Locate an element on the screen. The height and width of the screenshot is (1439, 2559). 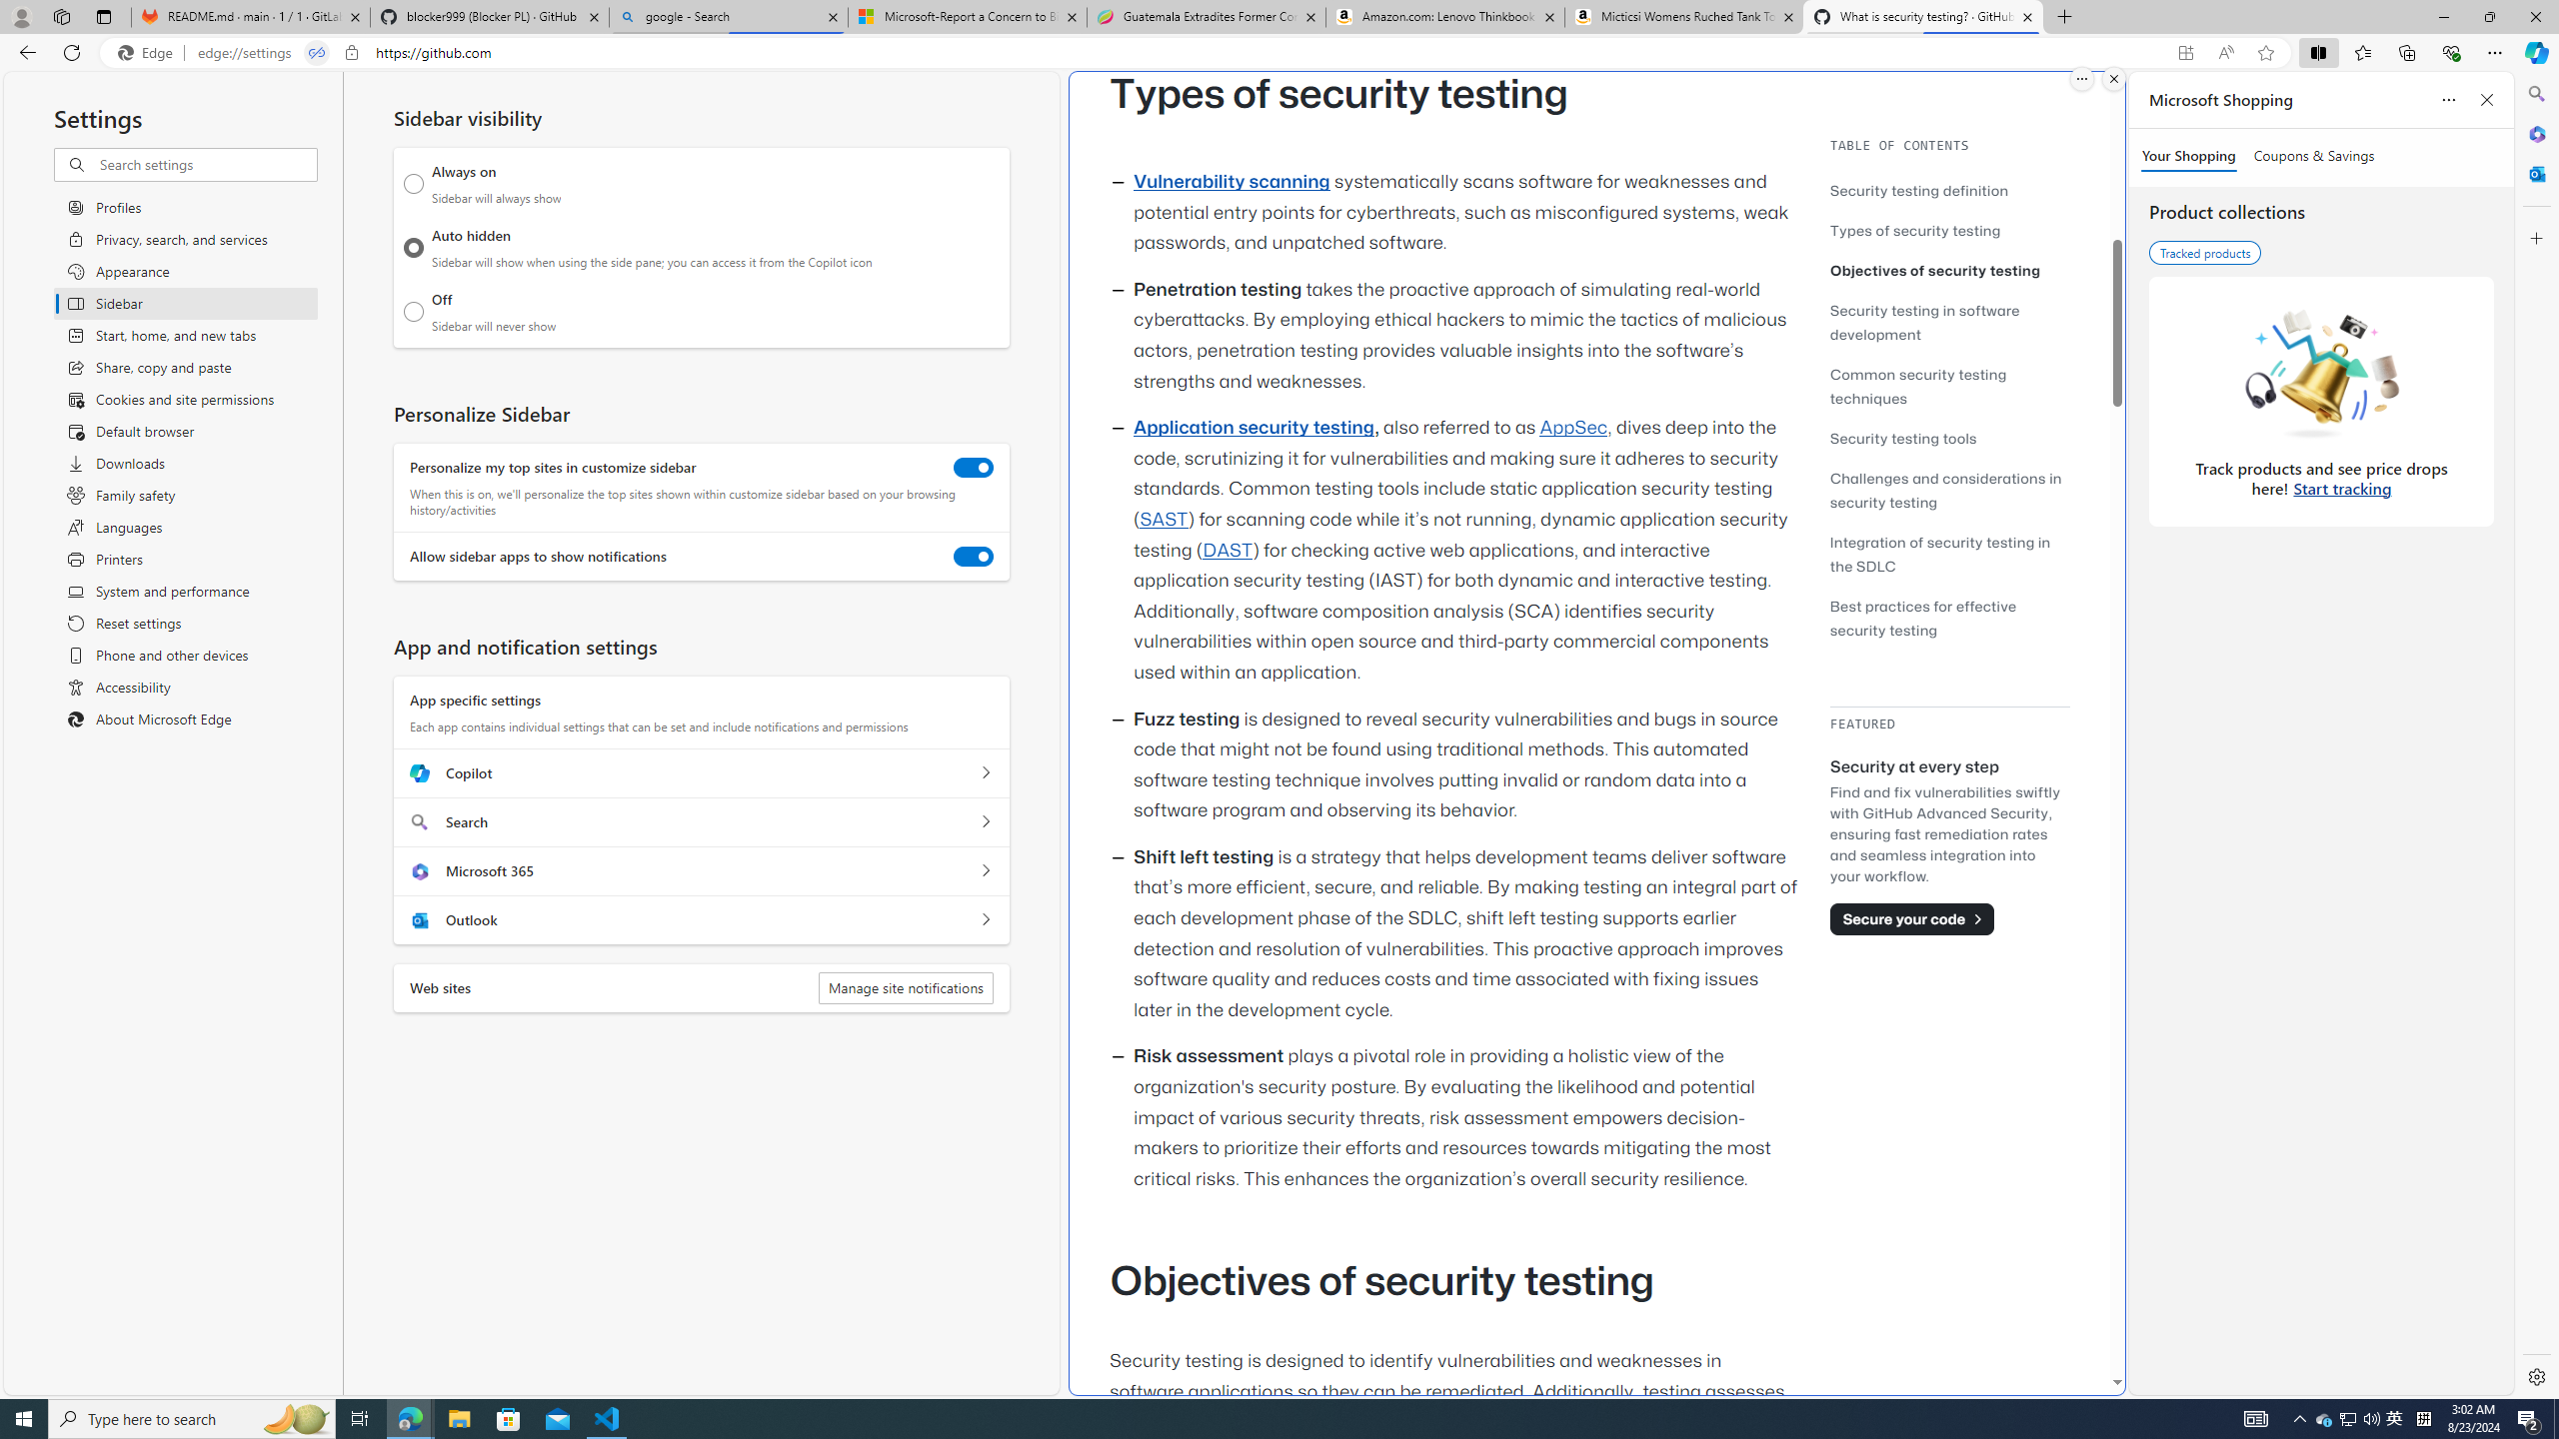
'Security testing tools' is located at coordinates (1902, 437).